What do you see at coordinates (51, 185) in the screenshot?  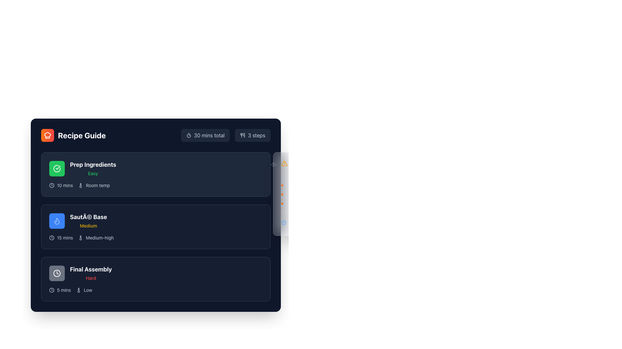 I see `the details of the Icon that visually indicates a time duration for the task 'Prep Ingredients', located to the left of '10 mins' and below the green checkmark icon` at bounding box center [51, 185].